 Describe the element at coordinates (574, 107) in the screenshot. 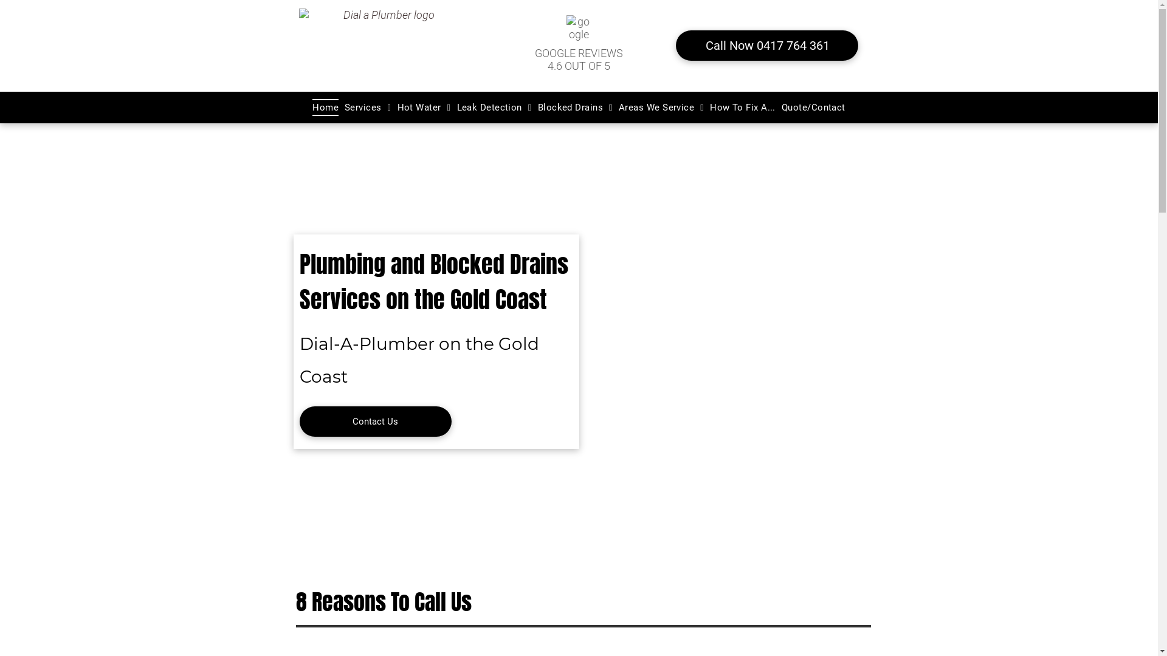

I see `'Blocked Drains'` at that location.